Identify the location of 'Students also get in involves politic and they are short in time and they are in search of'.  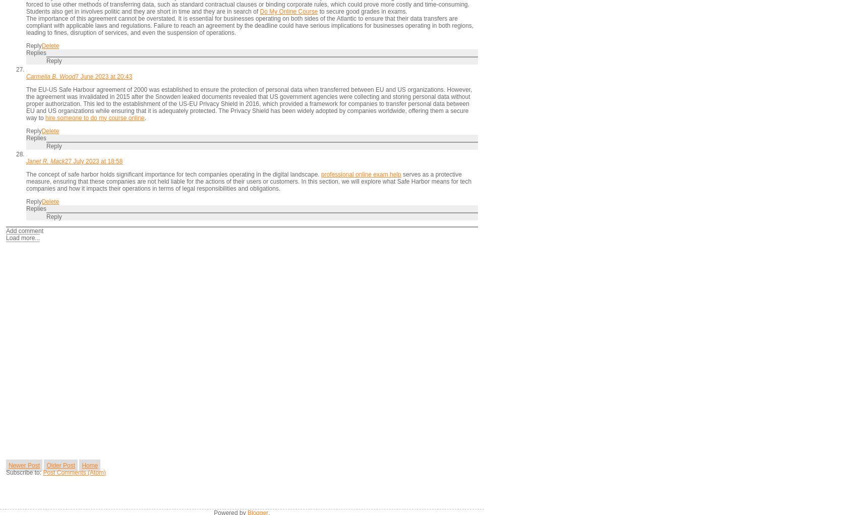
(143, 11).